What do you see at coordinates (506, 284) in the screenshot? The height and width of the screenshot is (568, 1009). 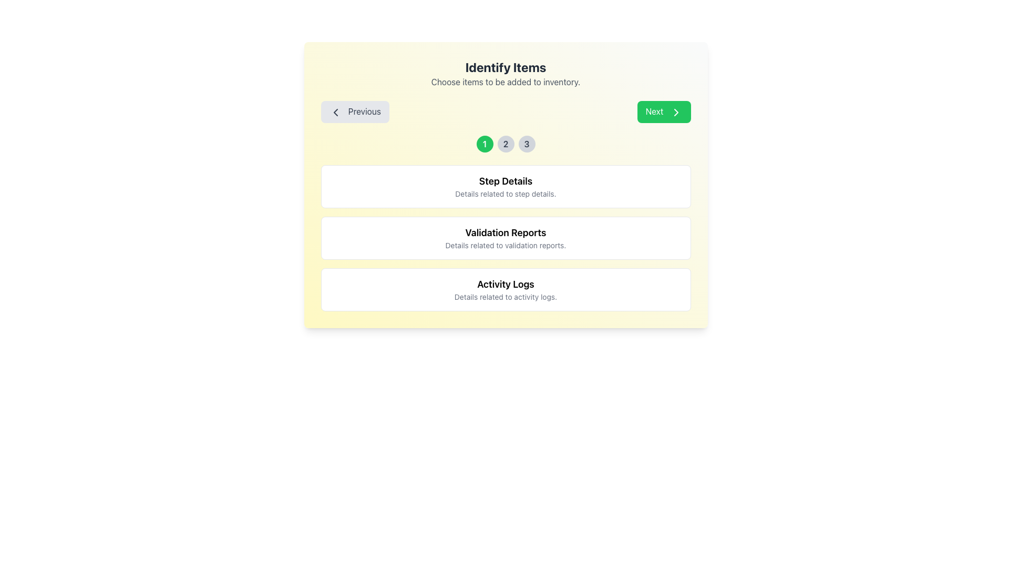 I see `the 'Activity Logs' text label, which is a bold black label located at the top of a white card in the third position of a vertical stack of cards` at bounding box center [506, 284].